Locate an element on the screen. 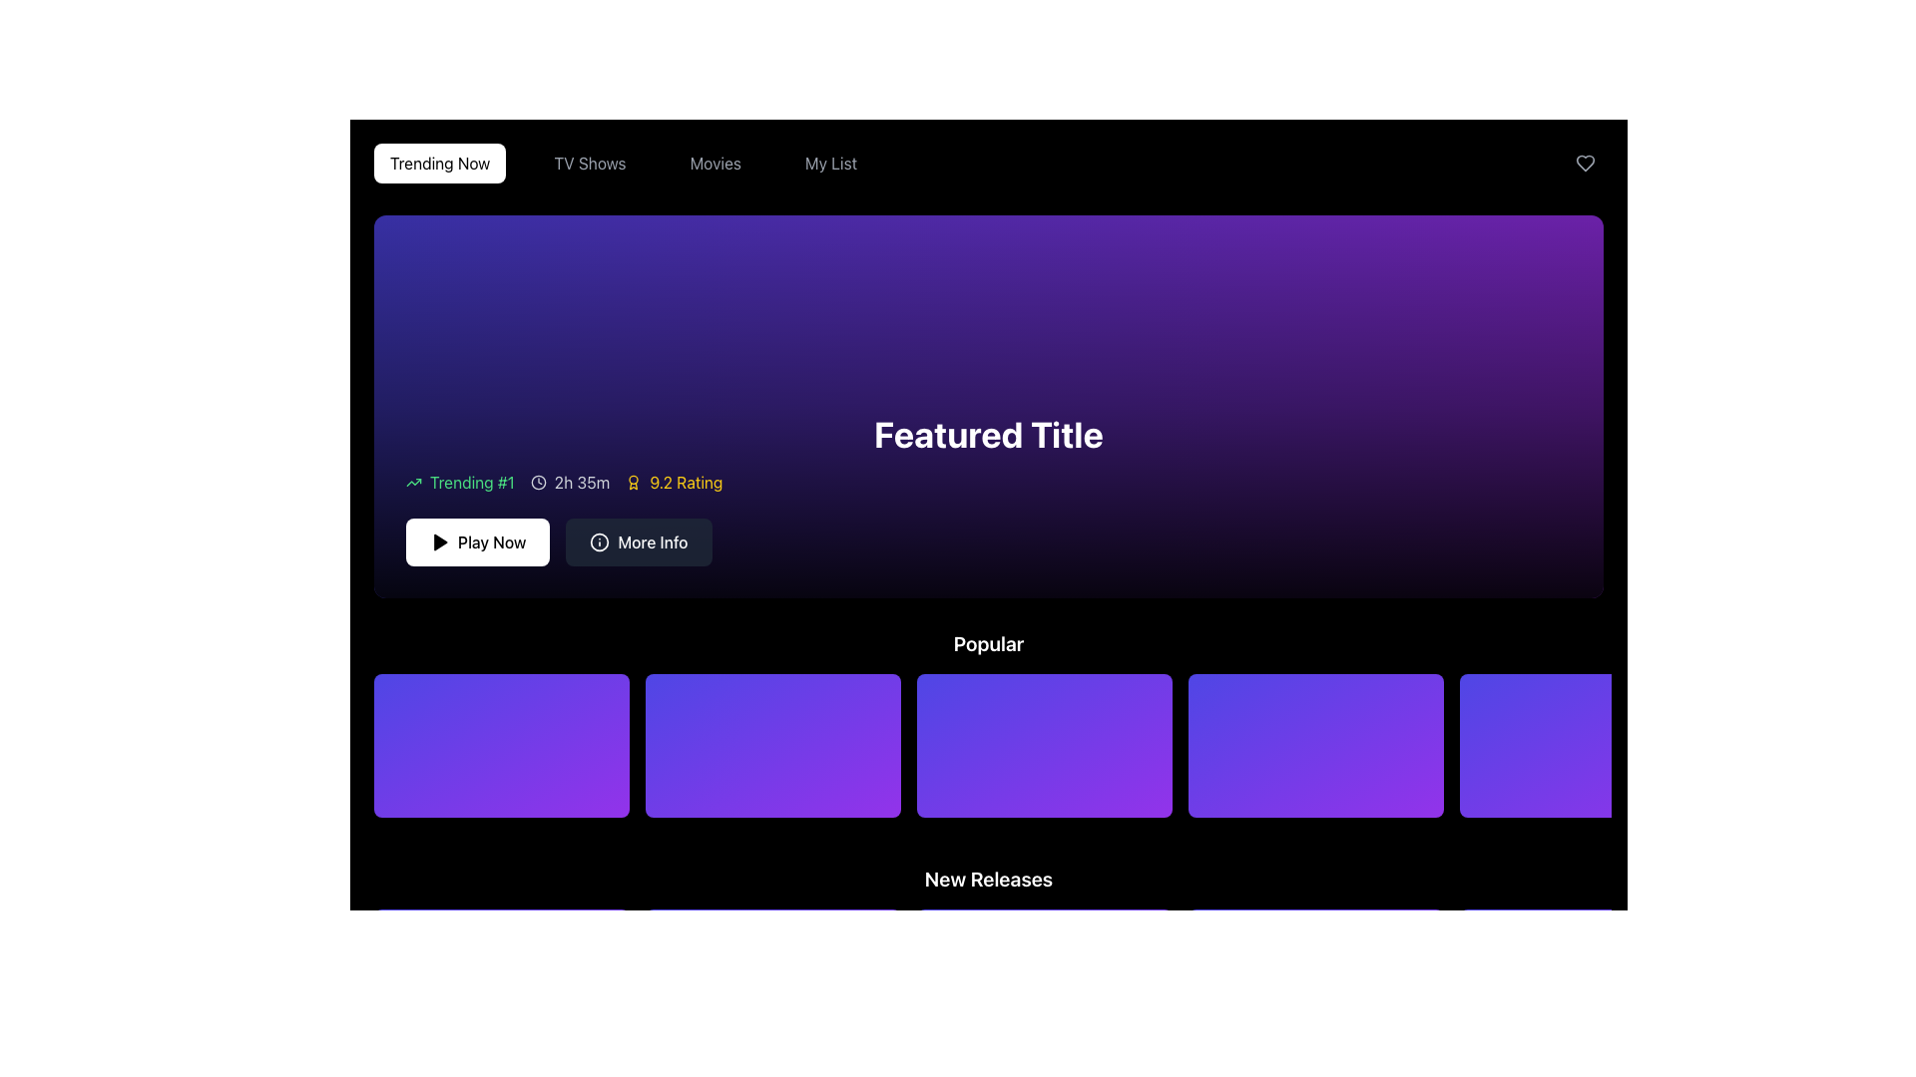 Image resolution: width=1916 pixels, height=1077 pixels. the vibrant, gradient background Interactive Card located in the second position under the 'Popular' section is located at coordinates (771, 746).